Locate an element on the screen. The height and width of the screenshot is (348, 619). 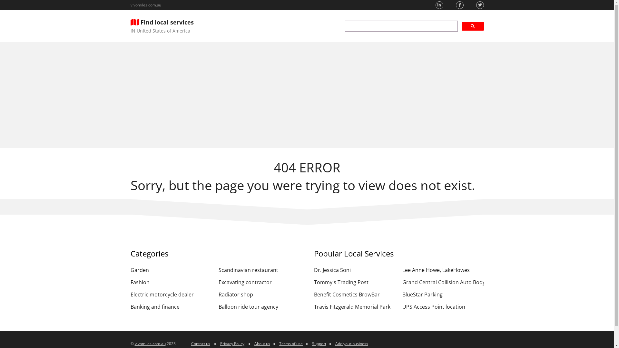
'Scandinavian restaurant' is located at coordinates (259, 270).